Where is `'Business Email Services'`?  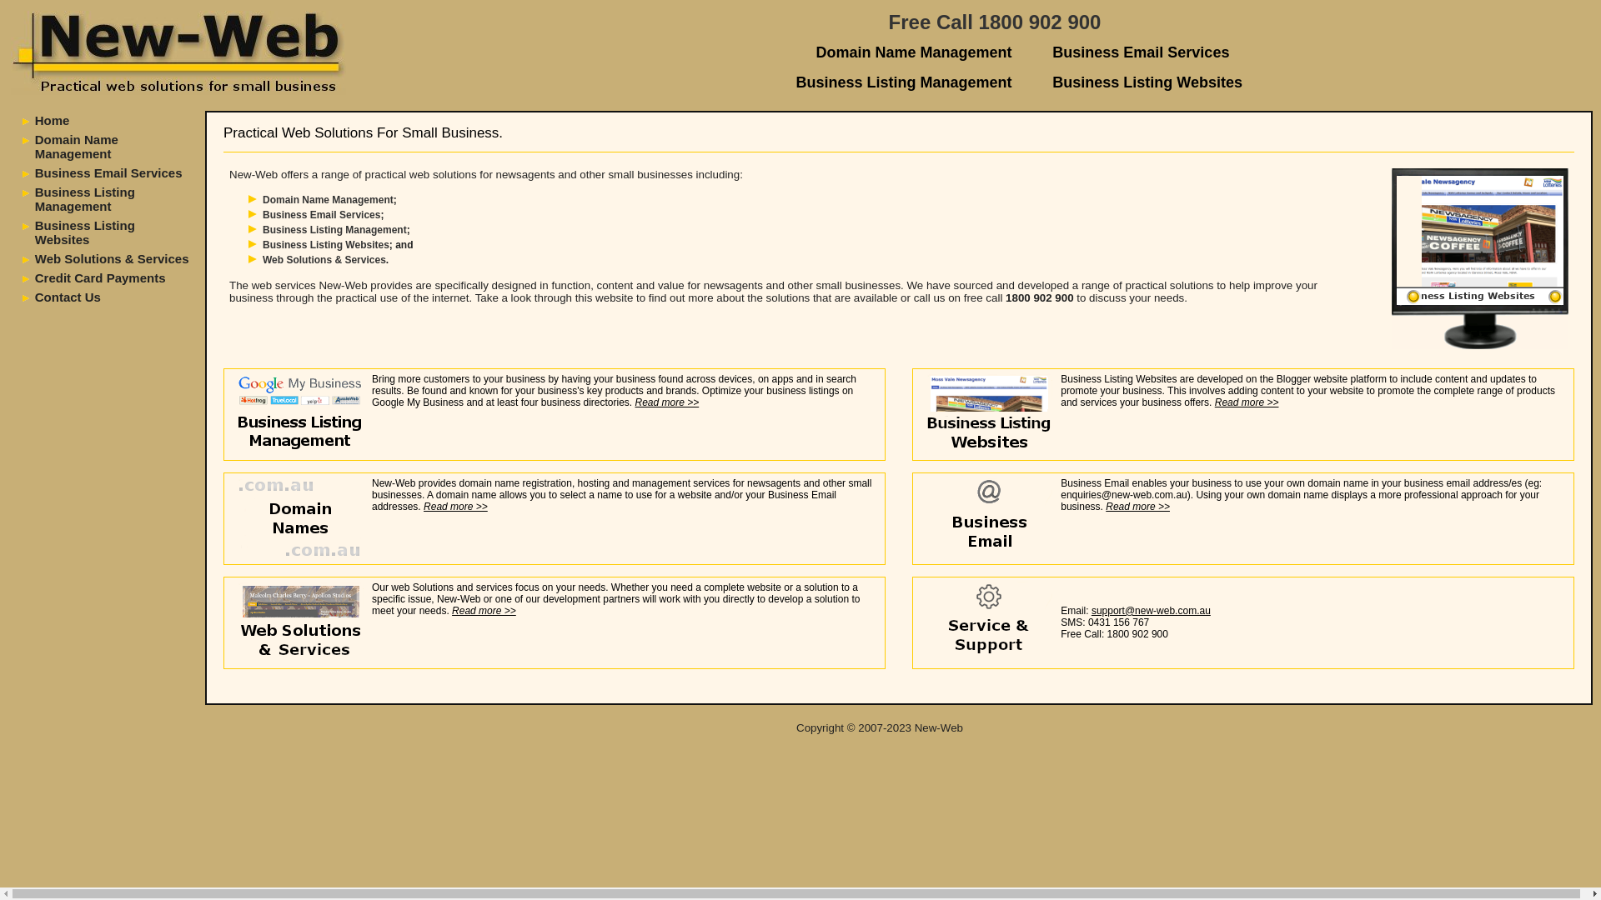 'Business Email Services' is located at coordinates (1051, 51).